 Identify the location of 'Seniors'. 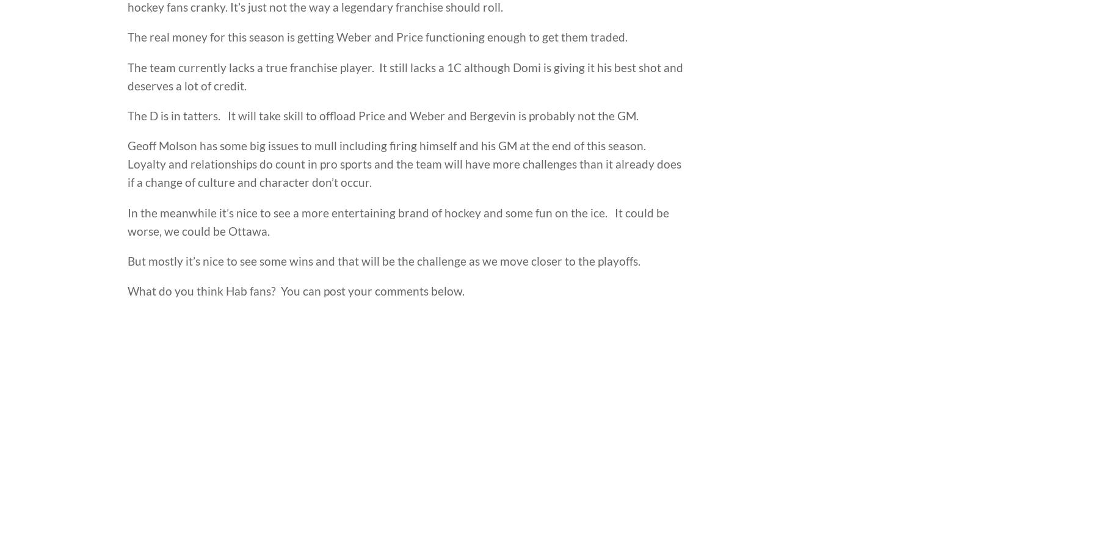
(504, 529).